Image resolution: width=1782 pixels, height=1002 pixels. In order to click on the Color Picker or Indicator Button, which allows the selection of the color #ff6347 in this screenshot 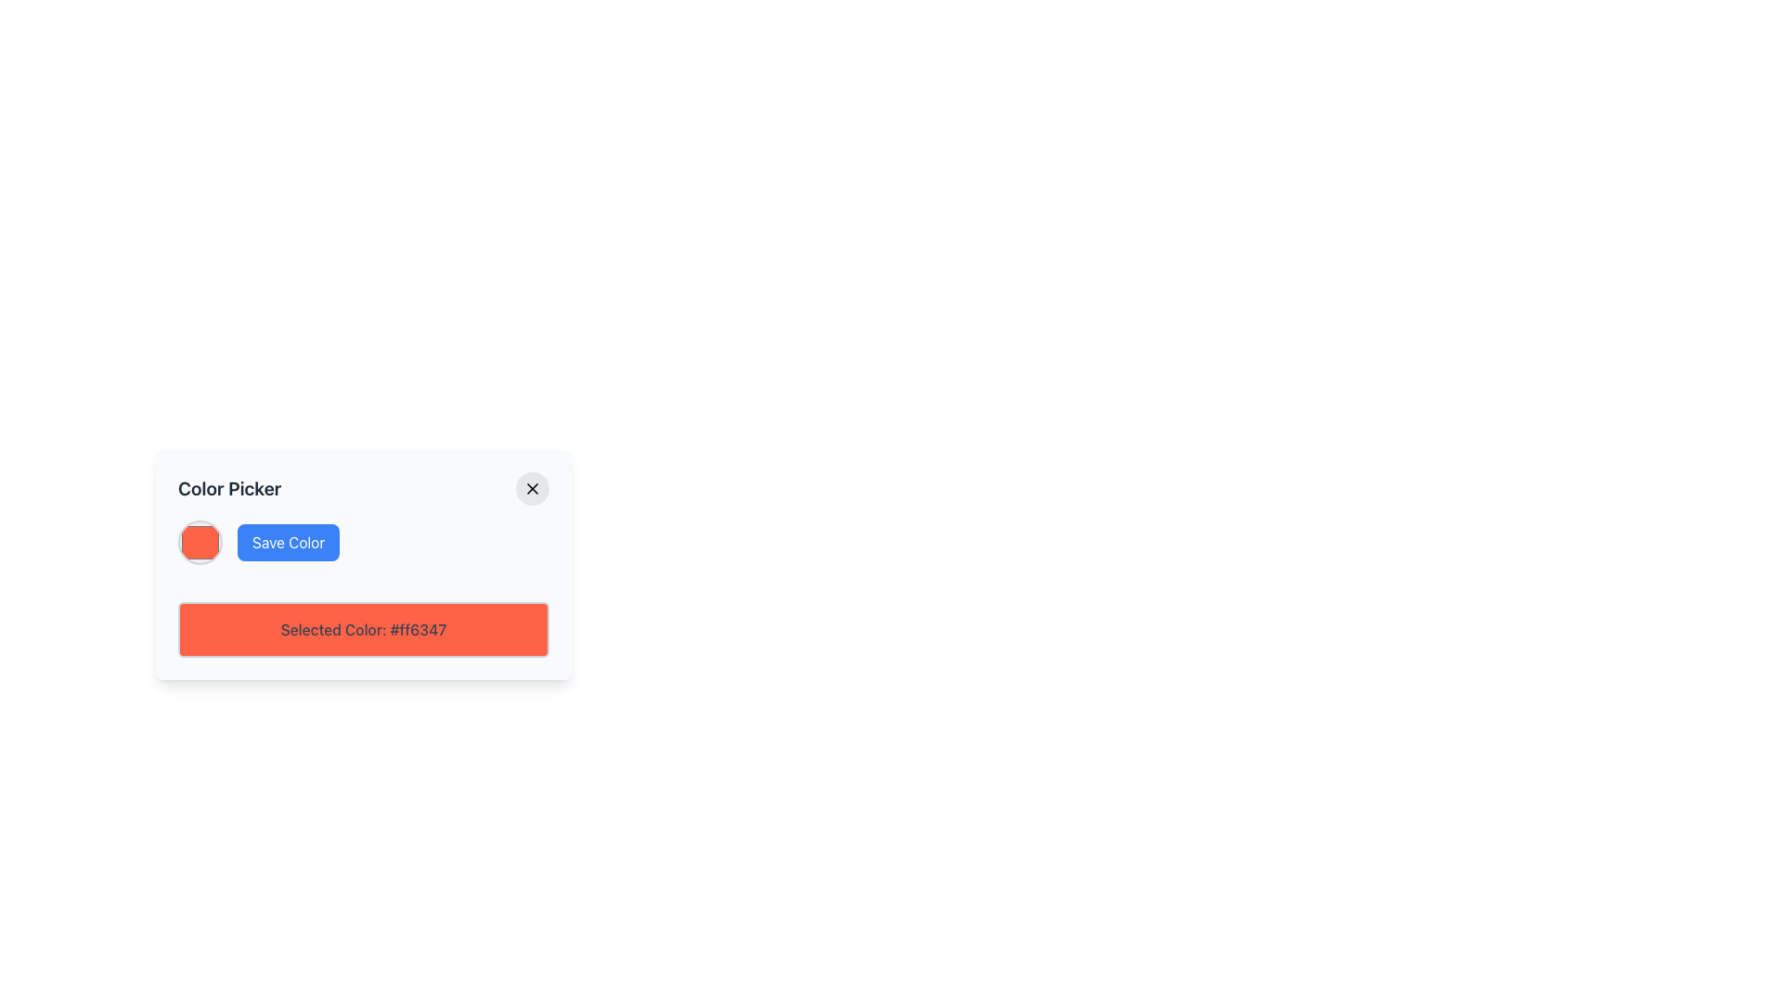, I will do `click(200, 543)`.